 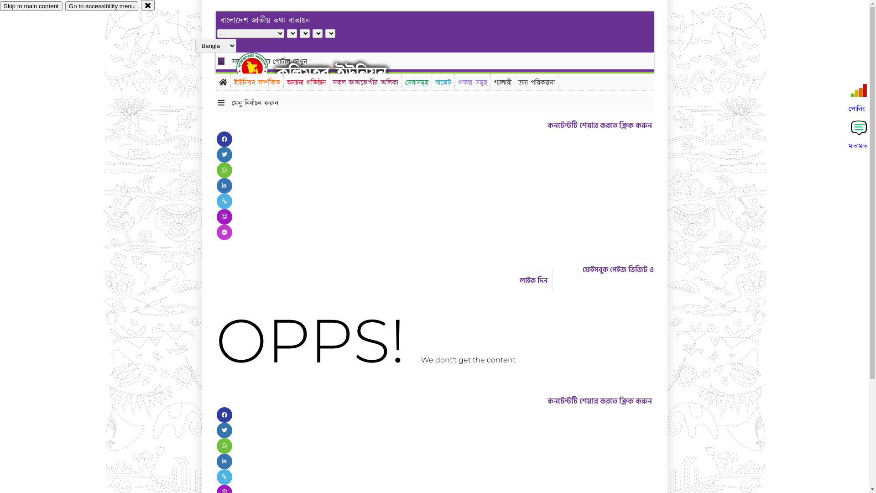 What do you see at coordinates (148, 5) in the screenshot?
I see `'close'` at bounding box center [148, 5].